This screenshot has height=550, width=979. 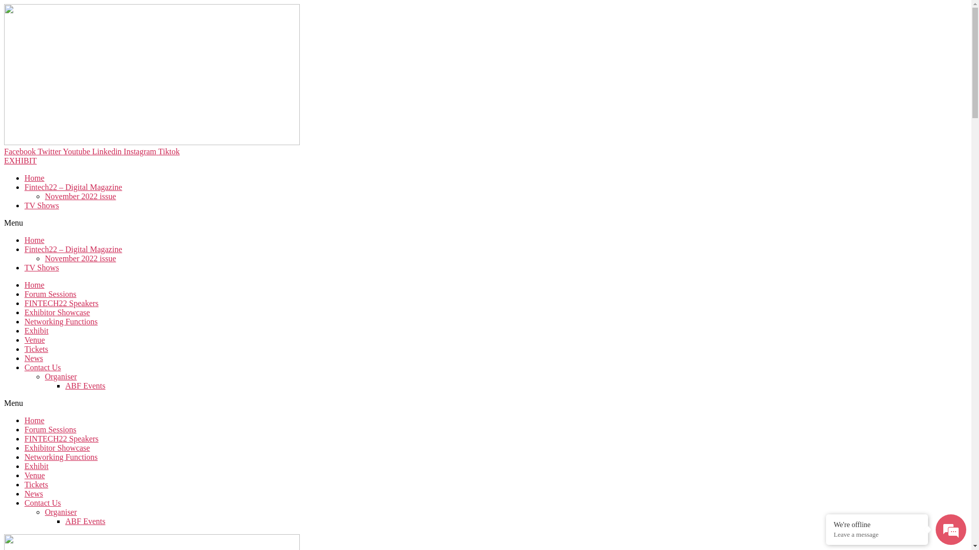 I want to click on 'November 2022 issue', so click(x=80, y=258).